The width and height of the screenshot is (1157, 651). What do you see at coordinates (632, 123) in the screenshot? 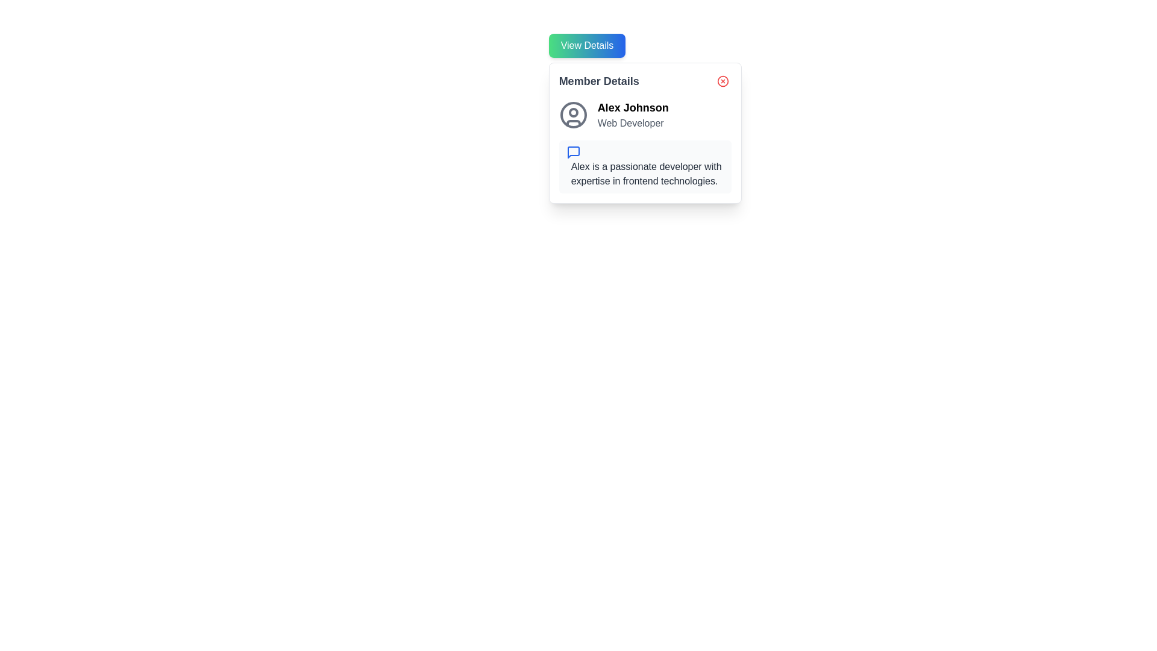
I see `the text label displaying 'Web Developer', which is positioned below 'Alex Johnson' within the 'Member Details' card` at bounding box center [632, 123].